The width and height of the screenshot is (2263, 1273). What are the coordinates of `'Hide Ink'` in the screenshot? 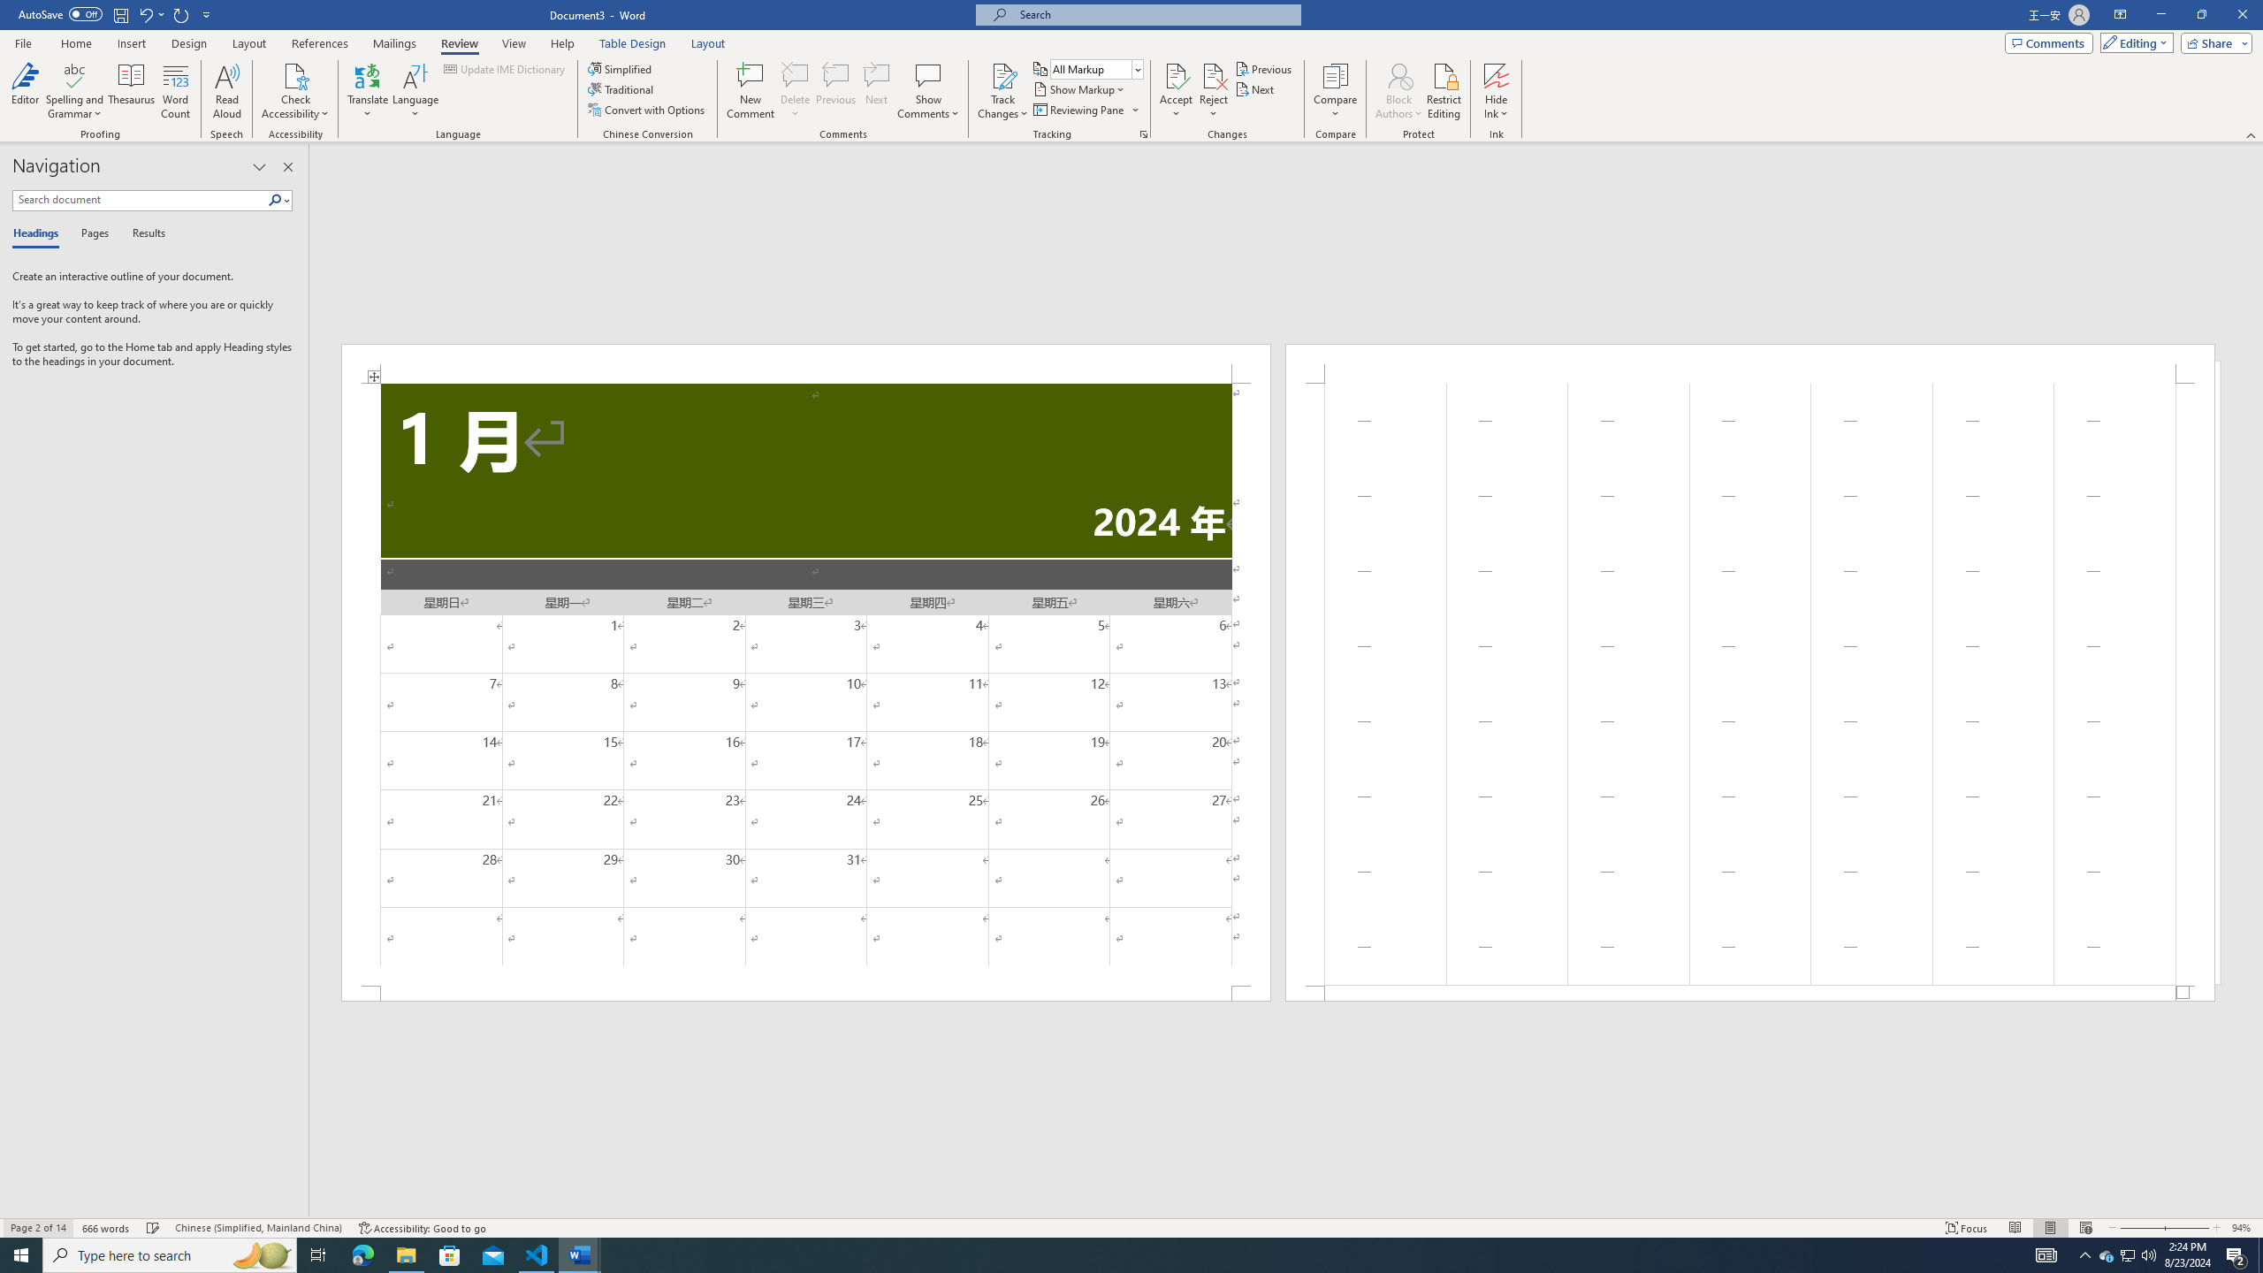 It's located at (1496, 91).